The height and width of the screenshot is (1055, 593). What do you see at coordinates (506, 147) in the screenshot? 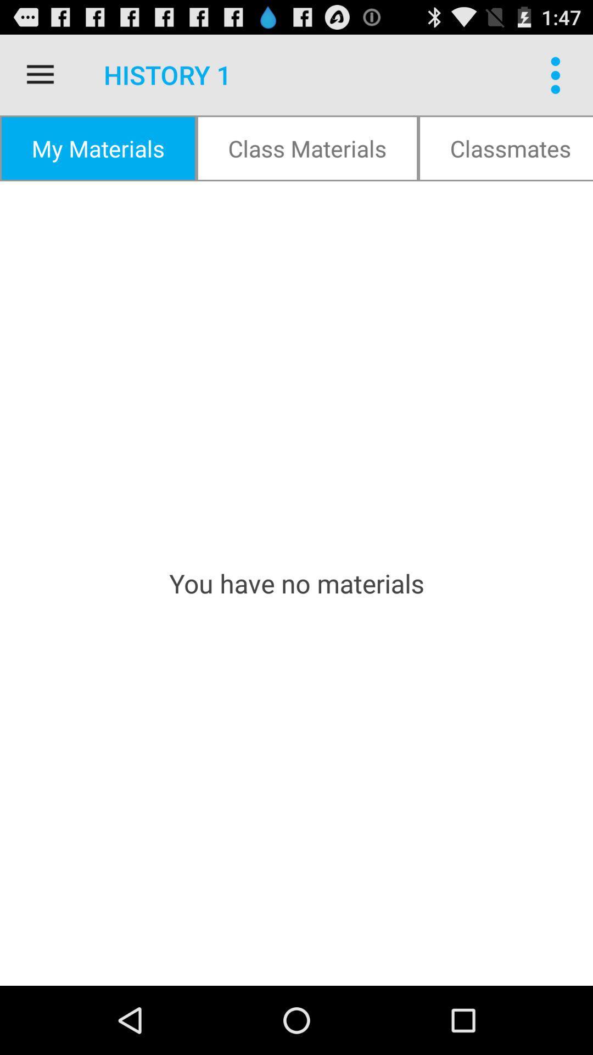
I see `the icon next to the class materials icon` at bounding box center [506, 147].